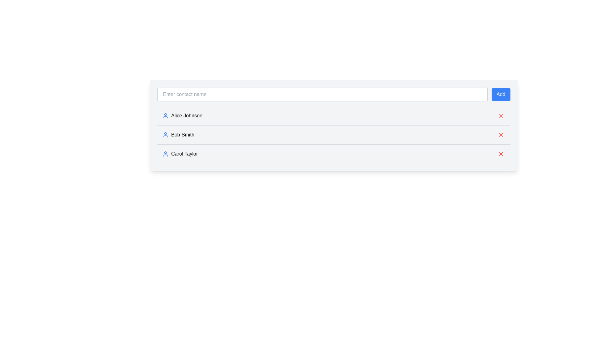 The height and width of the screenshot is (338, 602). Describe the element at coordinates (186, 116) in the screenshot. I see `the content of the text label displaying the name 'Alice Johnson', which is the first entry in the contact list located to the right of the user icon` at that location.